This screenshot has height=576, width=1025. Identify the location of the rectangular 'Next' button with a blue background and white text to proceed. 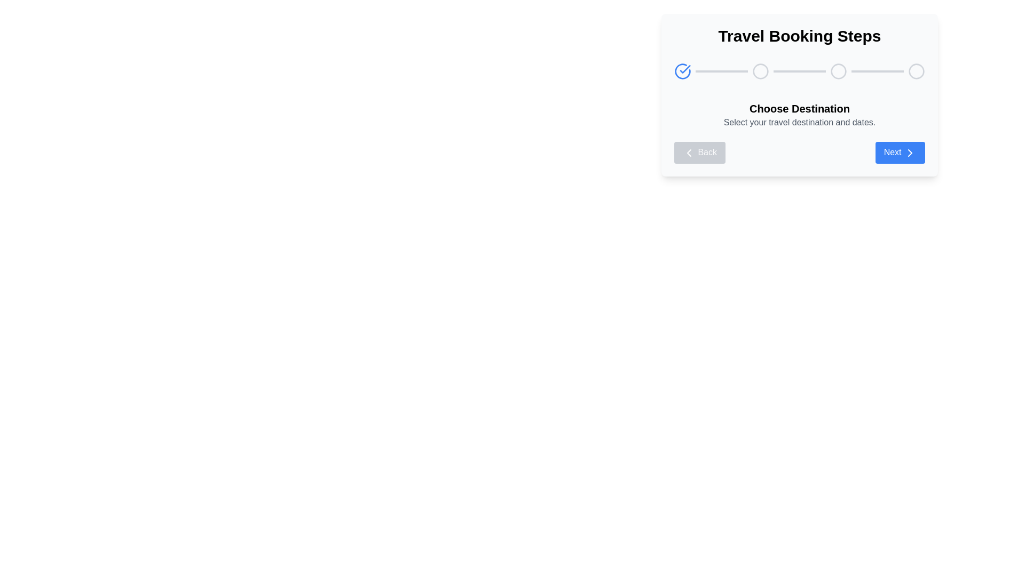
(900, 153).